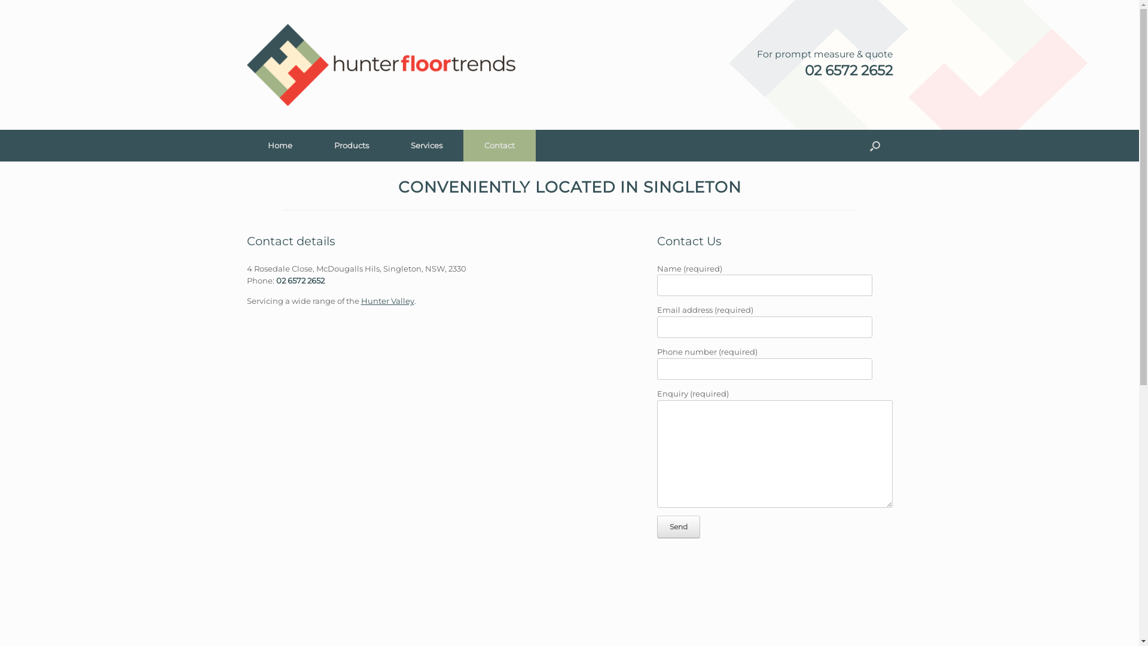 The height and width of the screenshot is (646, 1148). I want to click on 'Send', so click(678, 526).